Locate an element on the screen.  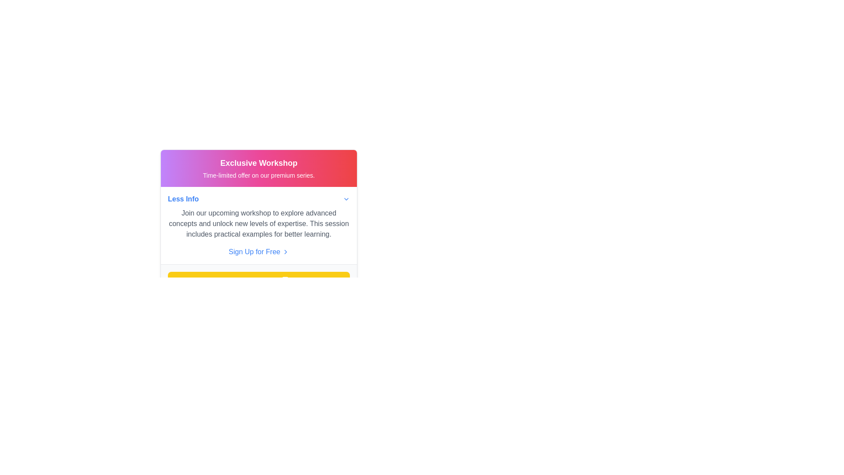
the title text label that serves as a heading for the section, which is positioned at the top of a gradient background and above a text element reading 'Time-limited offer on our premium series.' is located at coordinates (258, 163).